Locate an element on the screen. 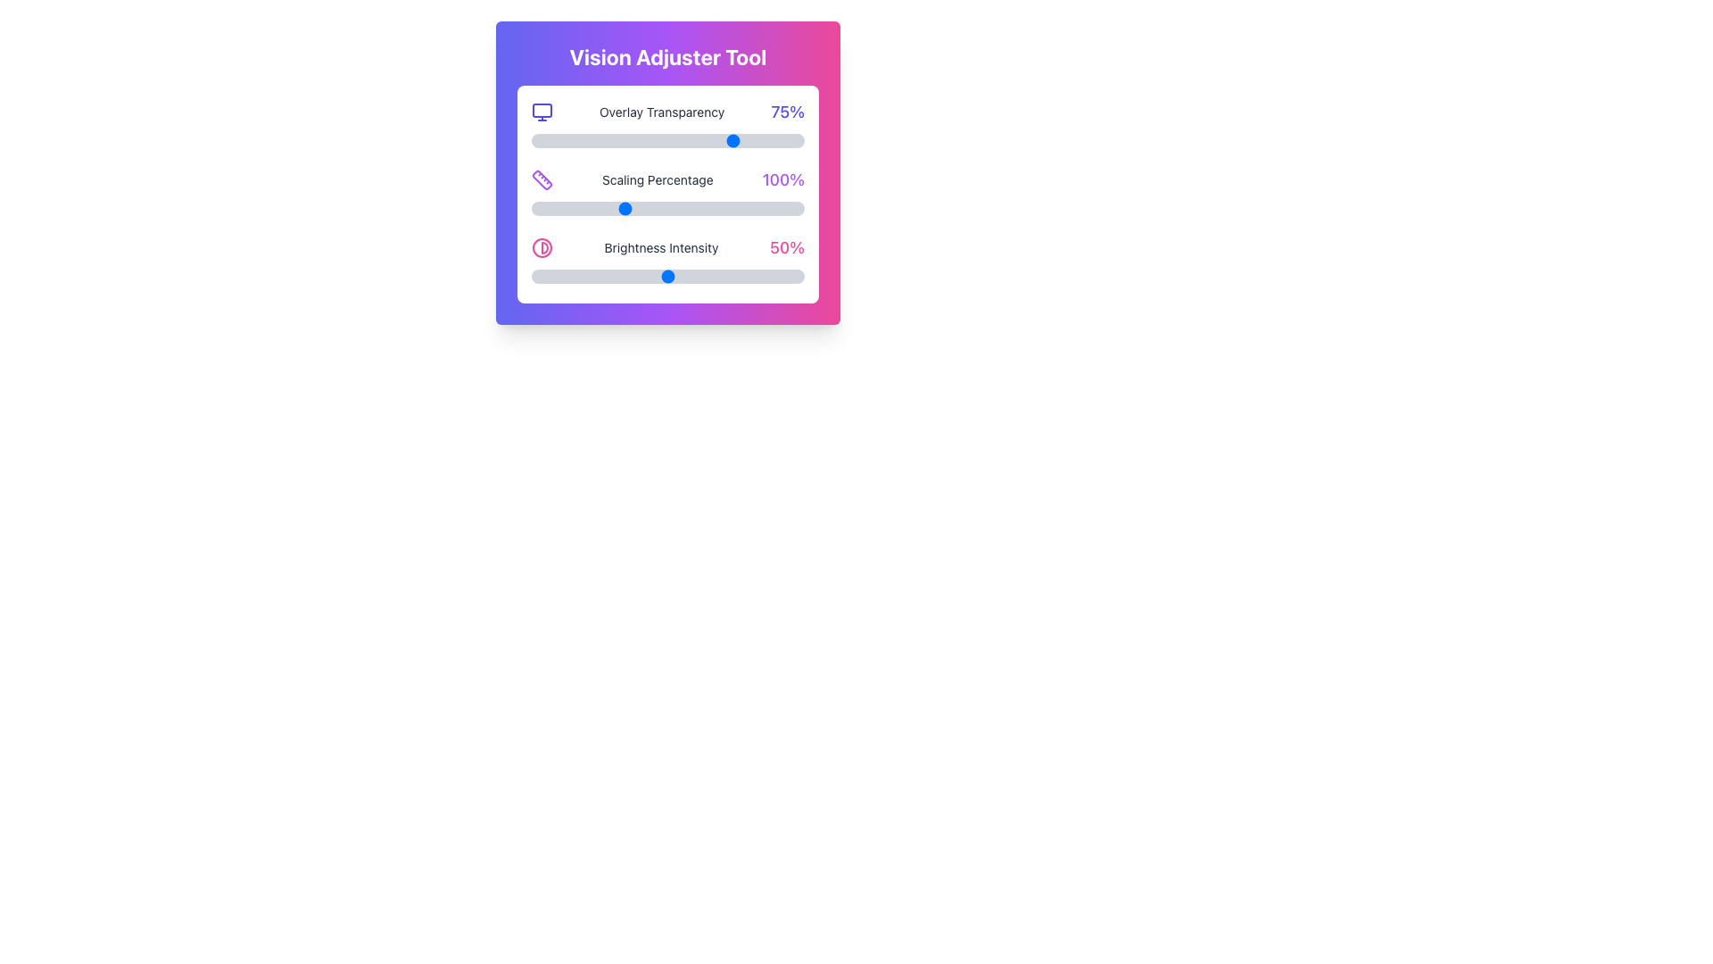  the scaling percentage is located at coordinates (597, 208).